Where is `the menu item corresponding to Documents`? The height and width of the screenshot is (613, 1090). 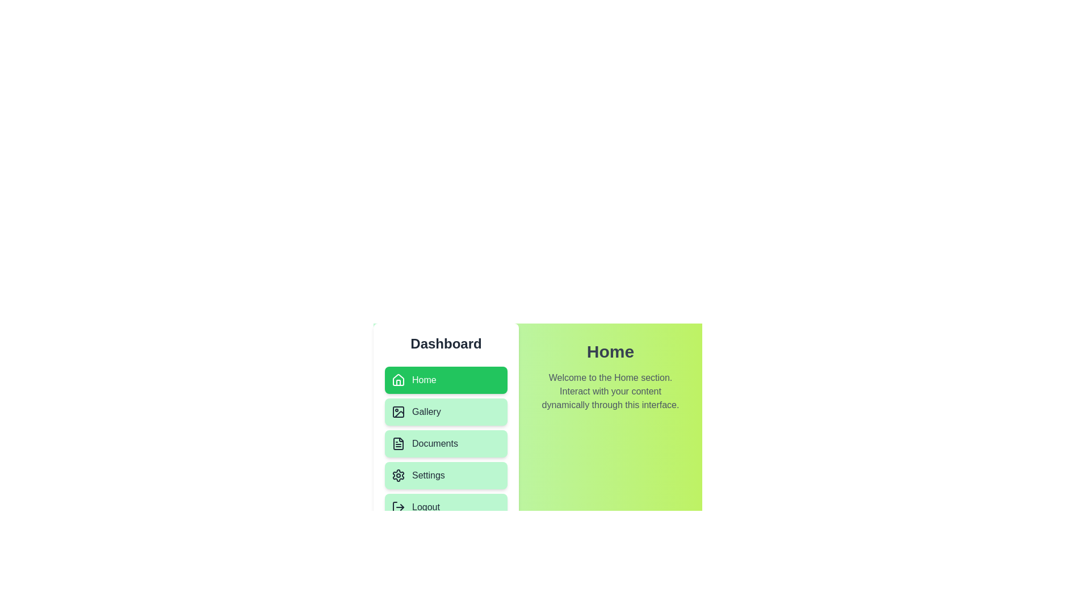 the menu item corresponding to Documents is located at coordinates (446, 443).